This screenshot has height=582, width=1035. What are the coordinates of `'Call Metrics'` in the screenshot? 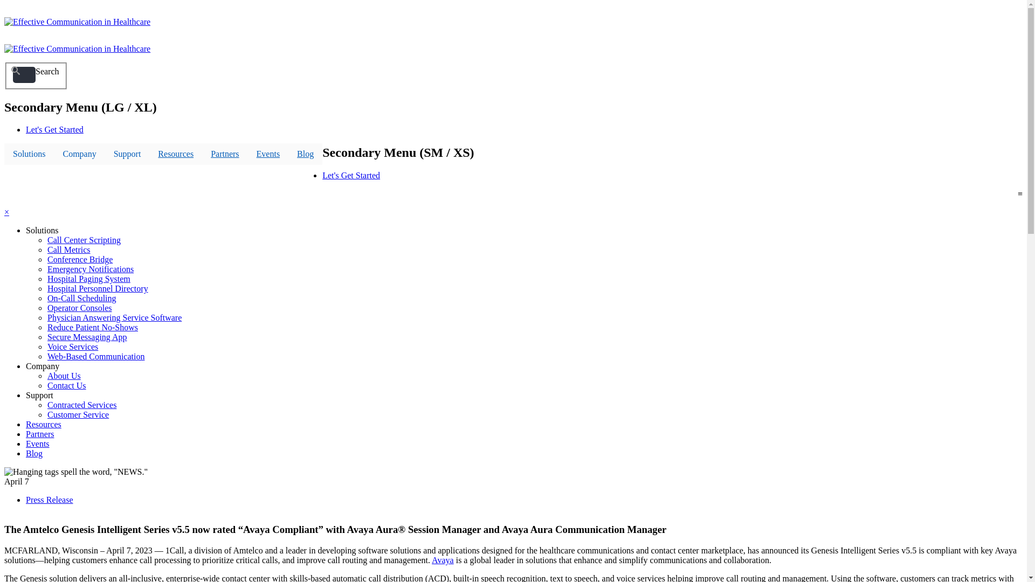 It's located at (68, 250).